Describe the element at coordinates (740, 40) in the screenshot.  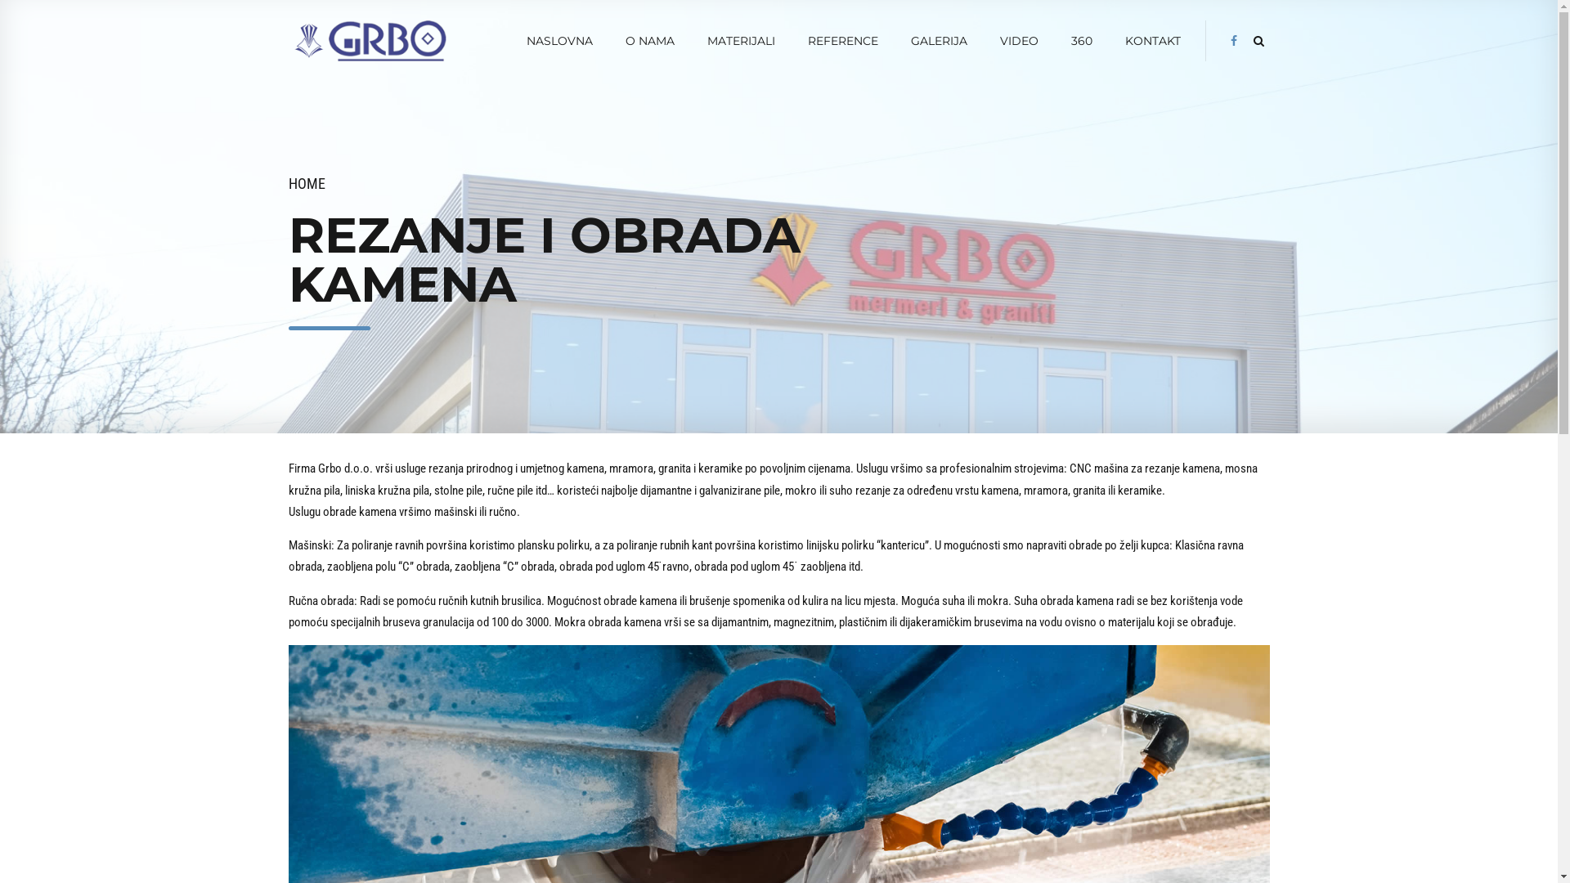
I see `'MATERIJALI'` at that location.